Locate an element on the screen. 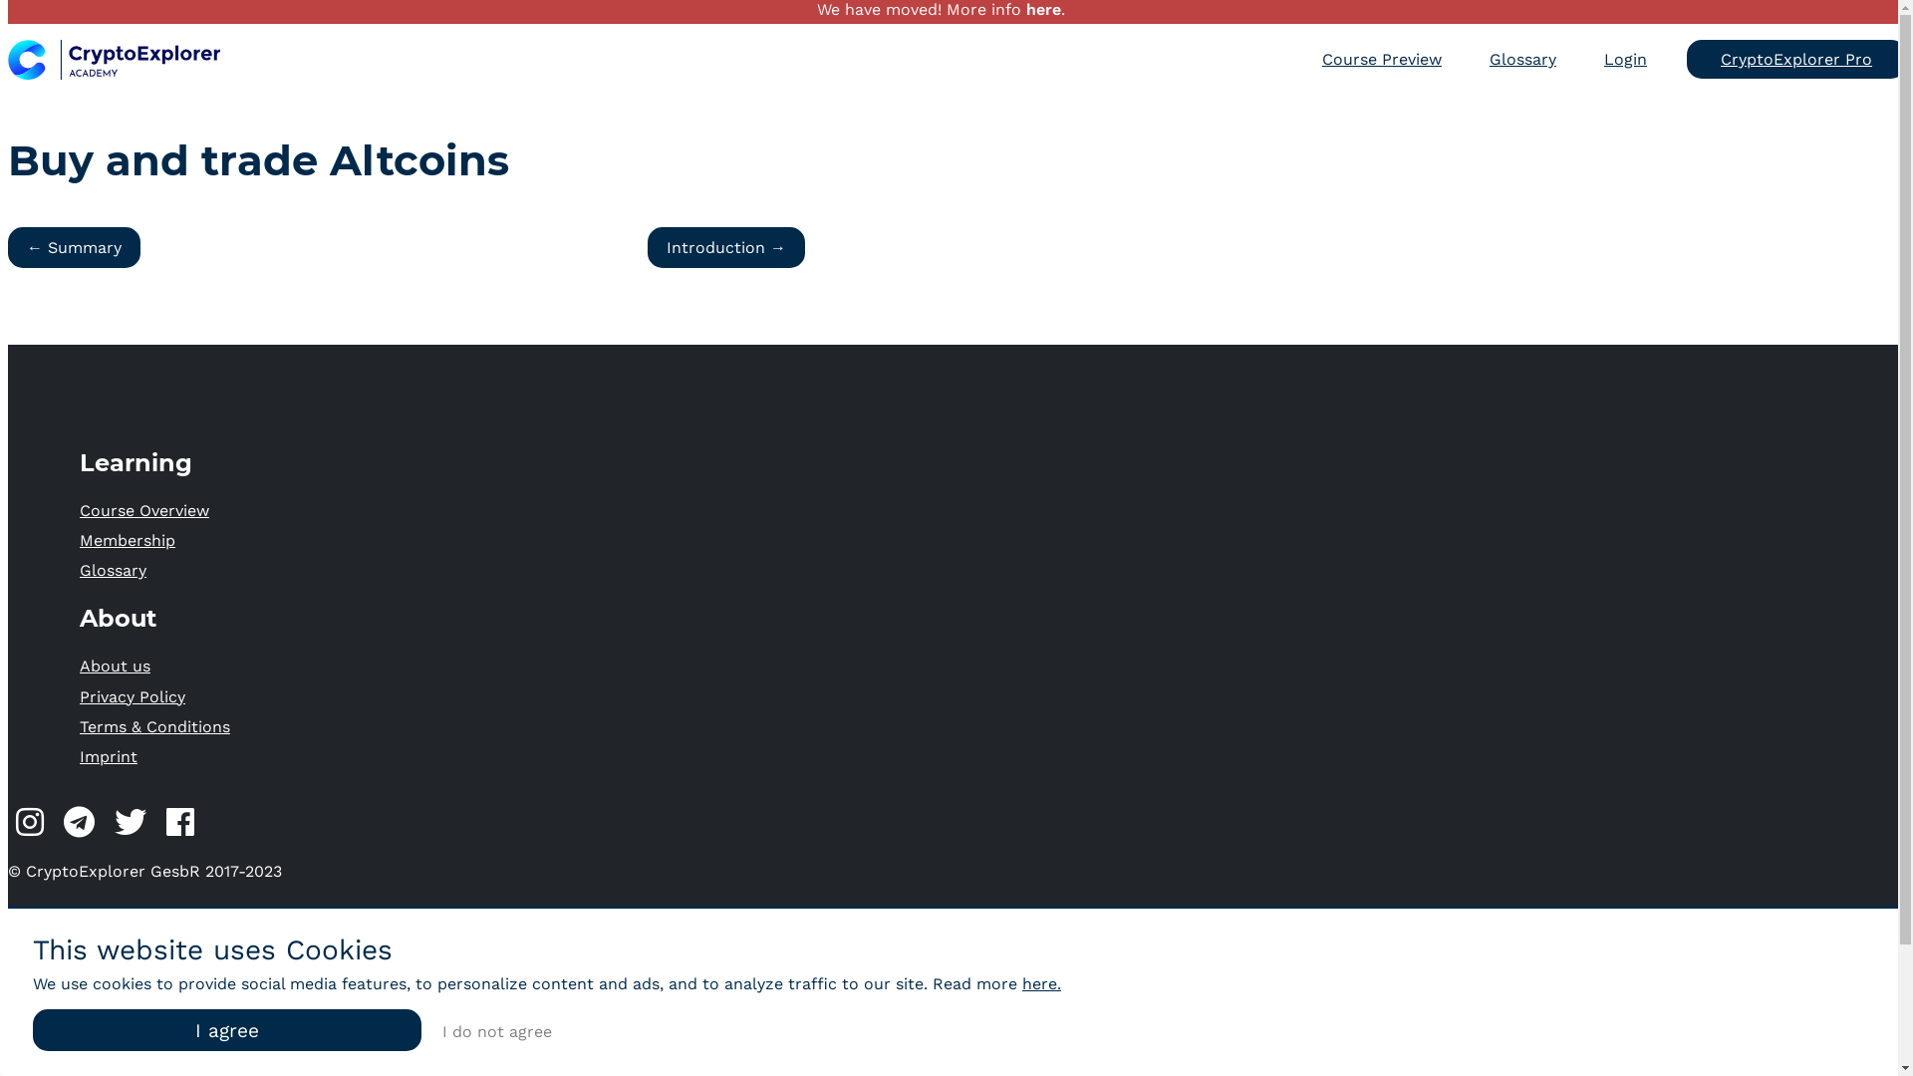 Image resolution: width=1913 pixels, height=1076 pixels. 'Glossary' is located at coordinates (112, 570).